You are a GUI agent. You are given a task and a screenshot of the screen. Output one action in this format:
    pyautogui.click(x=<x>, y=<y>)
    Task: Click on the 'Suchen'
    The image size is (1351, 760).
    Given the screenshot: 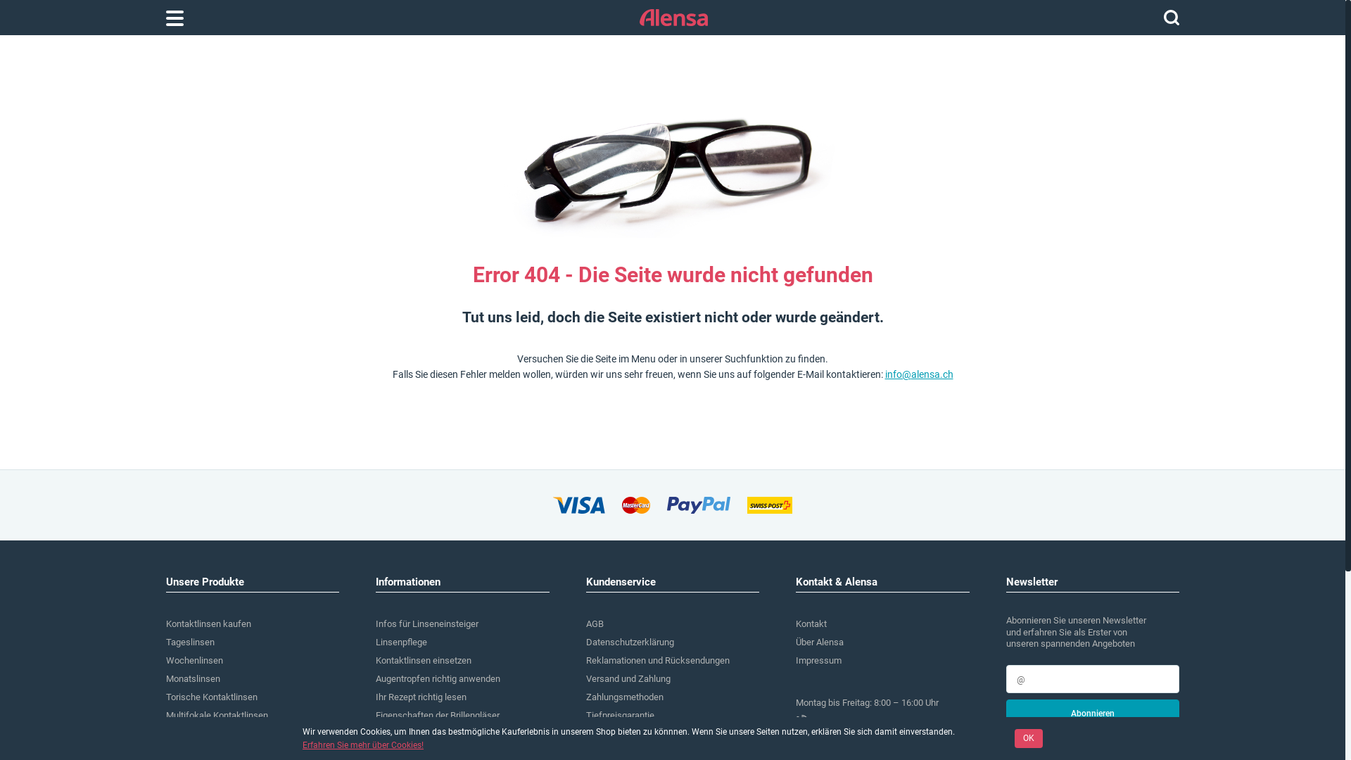 What is the action you would take?
    pyautogui.click(x=1172, y=17)
    